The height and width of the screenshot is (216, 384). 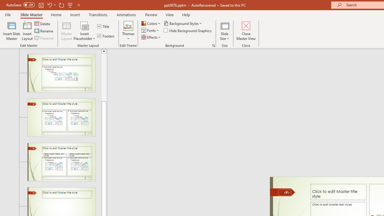 What do you see at coordinates (284, 192) in the screenshot?
I see `'Slide Number'` at bounding box center [284, 192].